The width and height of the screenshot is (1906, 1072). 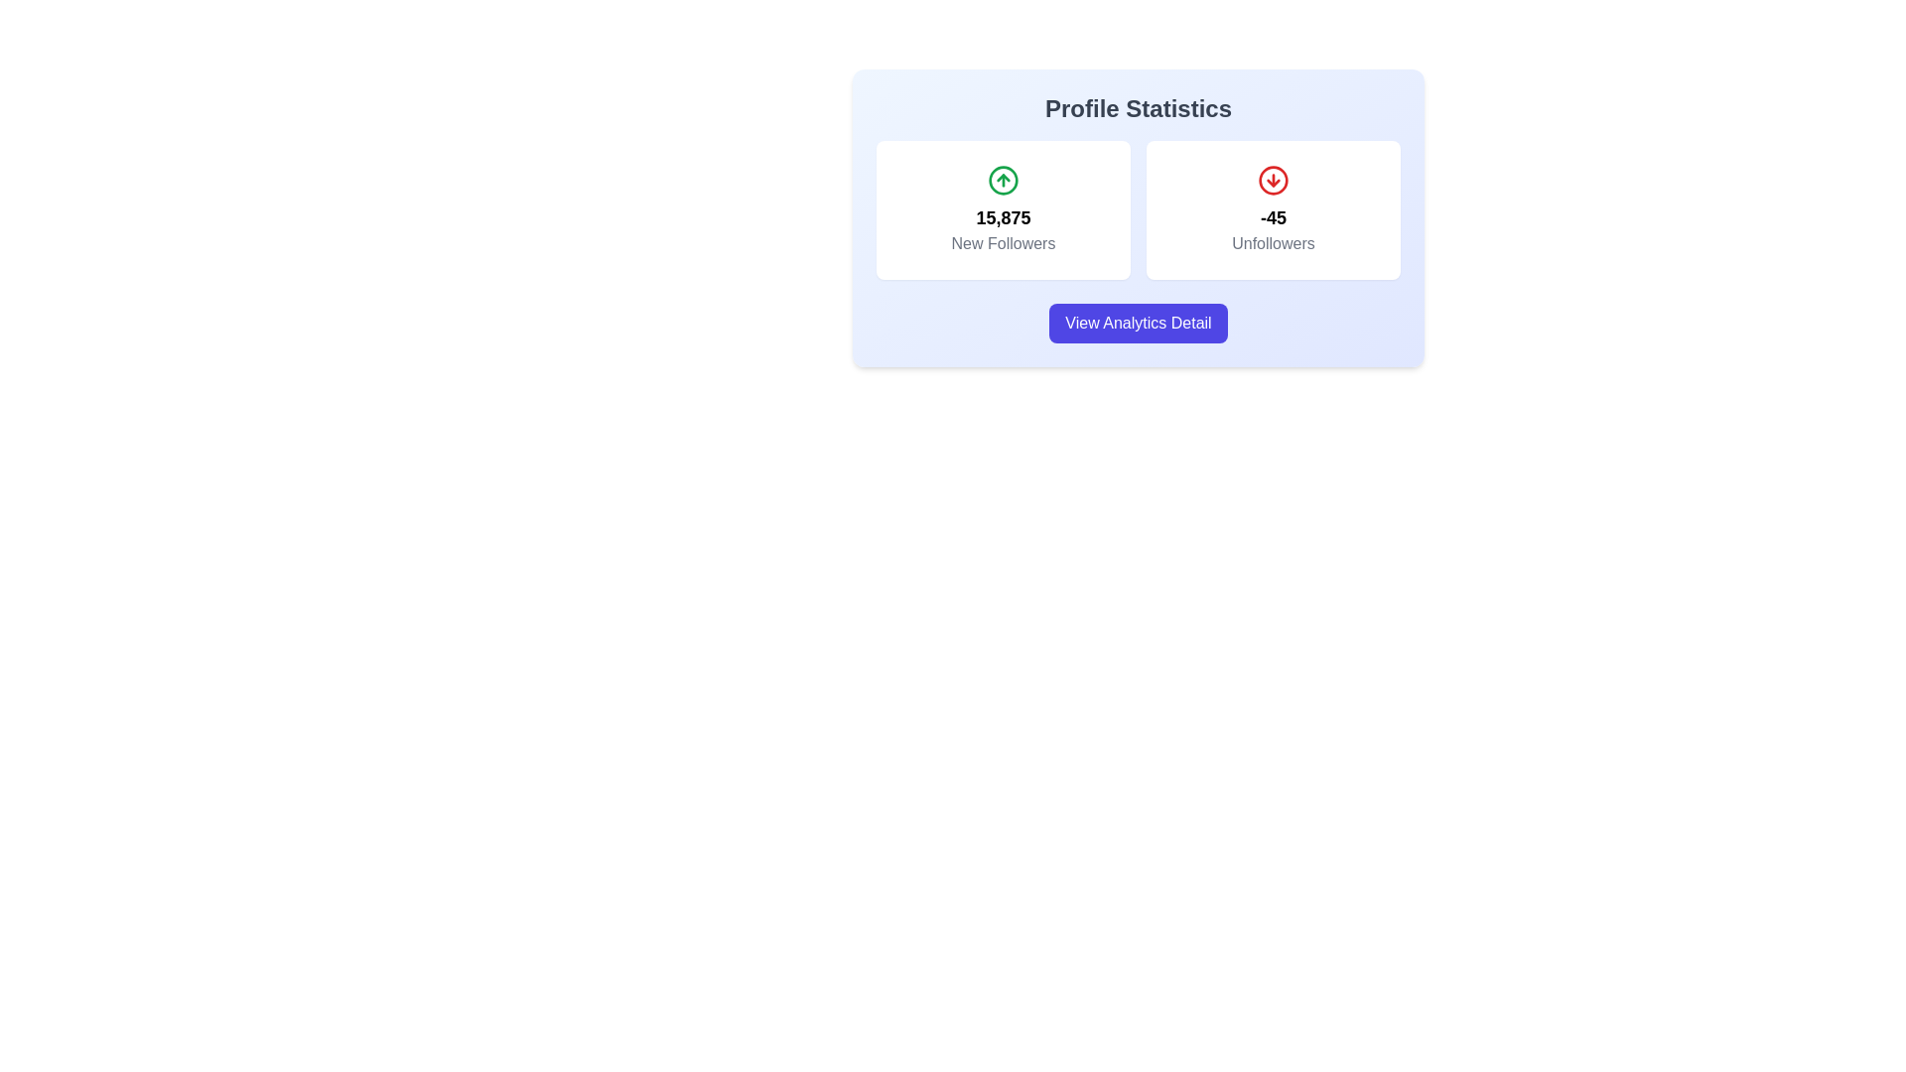 What do you see at coordinates (1004, 217) in the screenshot?
I see `statistical value displayed in the Text Display indicating the count of new followers, located below the upward arrow icon and above the label 'New Followers'` at bounding box center [1004, 217].